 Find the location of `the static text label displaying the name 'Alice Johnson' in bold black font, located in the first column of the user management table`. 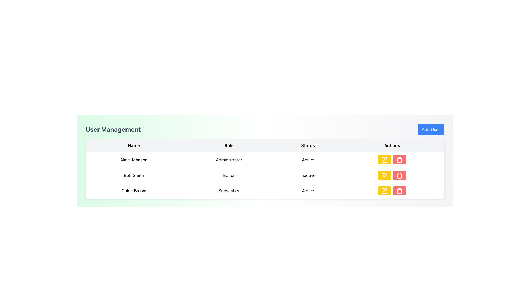

the static text label displaying the name 'Alice Johnson' in bold black font, located in the first column of the user management table is located at coordinates (134, 159).